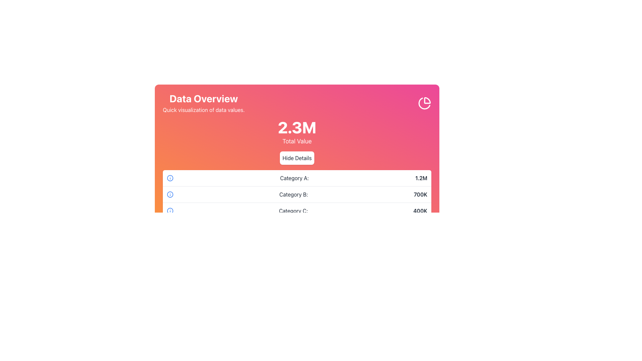 The image size is (642, 361). What do you see at coordinates (297, 194) in the screenshot?
I see `the textual information row displaying 'Category B: 700K', which is positioned between 'Category A: 1.2M' above and 'Category C: 400K' below` at bounding box center [297, 194].